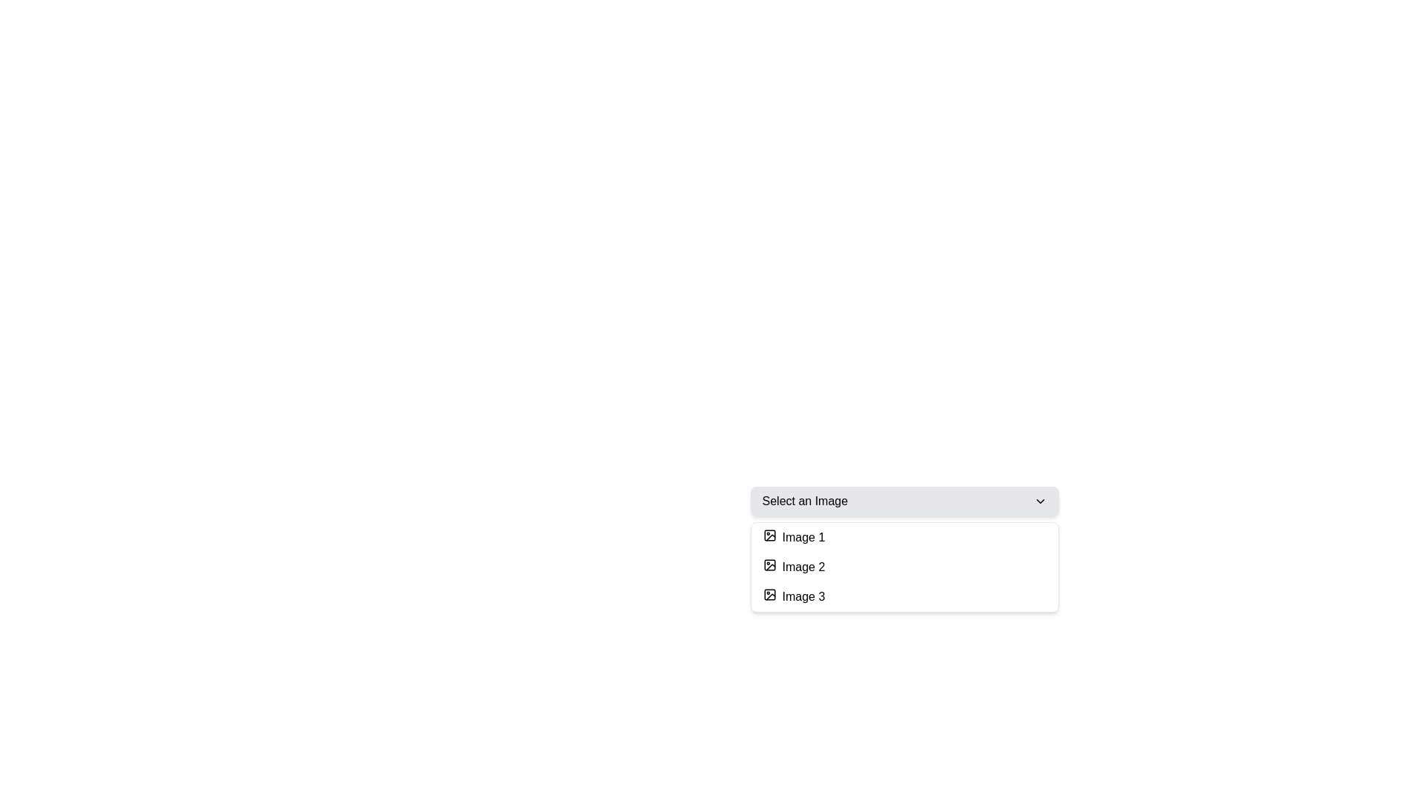  Describe the element at coordinates (903, 537) in the screenshot. I see `the first menu item labeled 'Image 1' in the dropdown list` at that location.